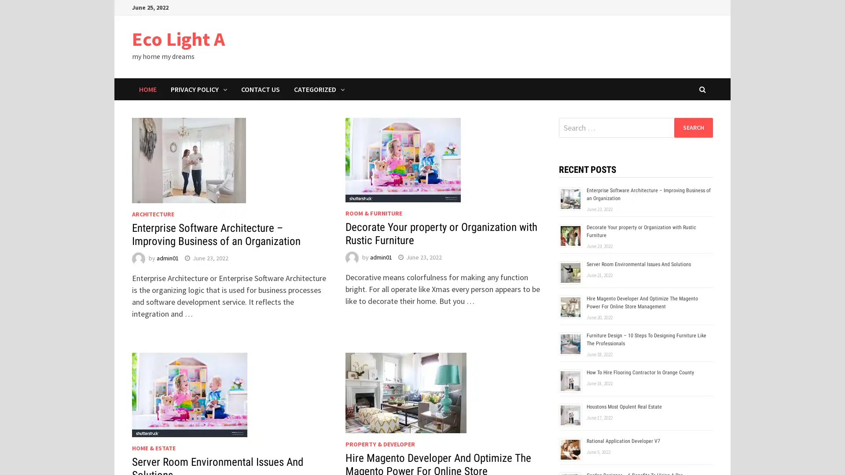  I want to click on Search, so click(693, 127).